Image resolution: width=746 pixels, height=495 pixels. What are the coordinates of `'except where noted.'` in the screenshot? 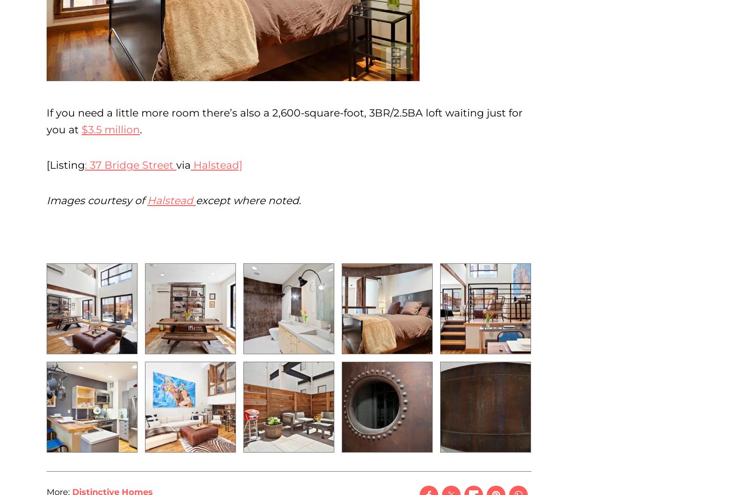 It's located at (248, 200).